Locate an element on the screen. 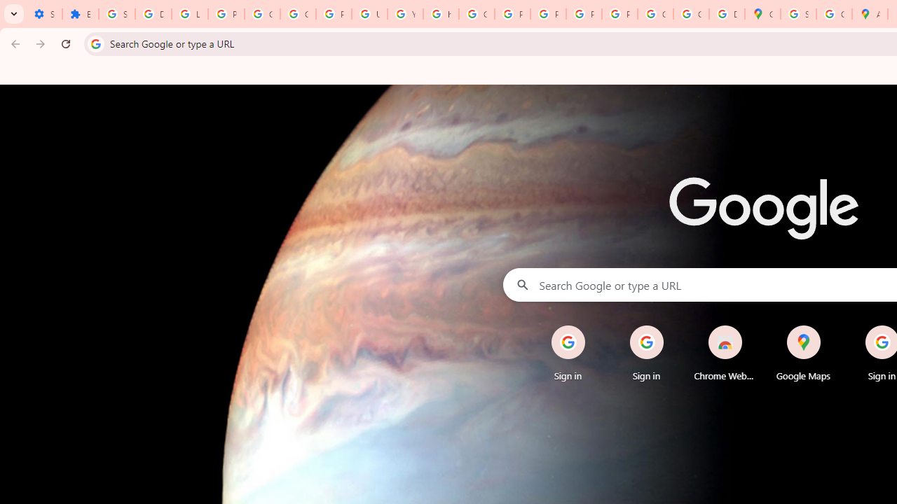 The width and height of the screenshot is (897, 504). 'https://scholar.google.com/' is located at coordinates (440, 14).